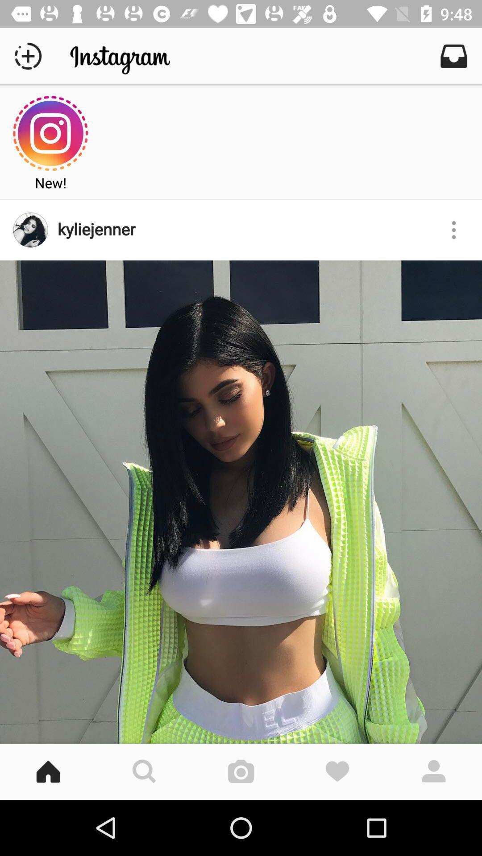 The image size is (482, 856). I want to click on the add icon, so click(27, 55).